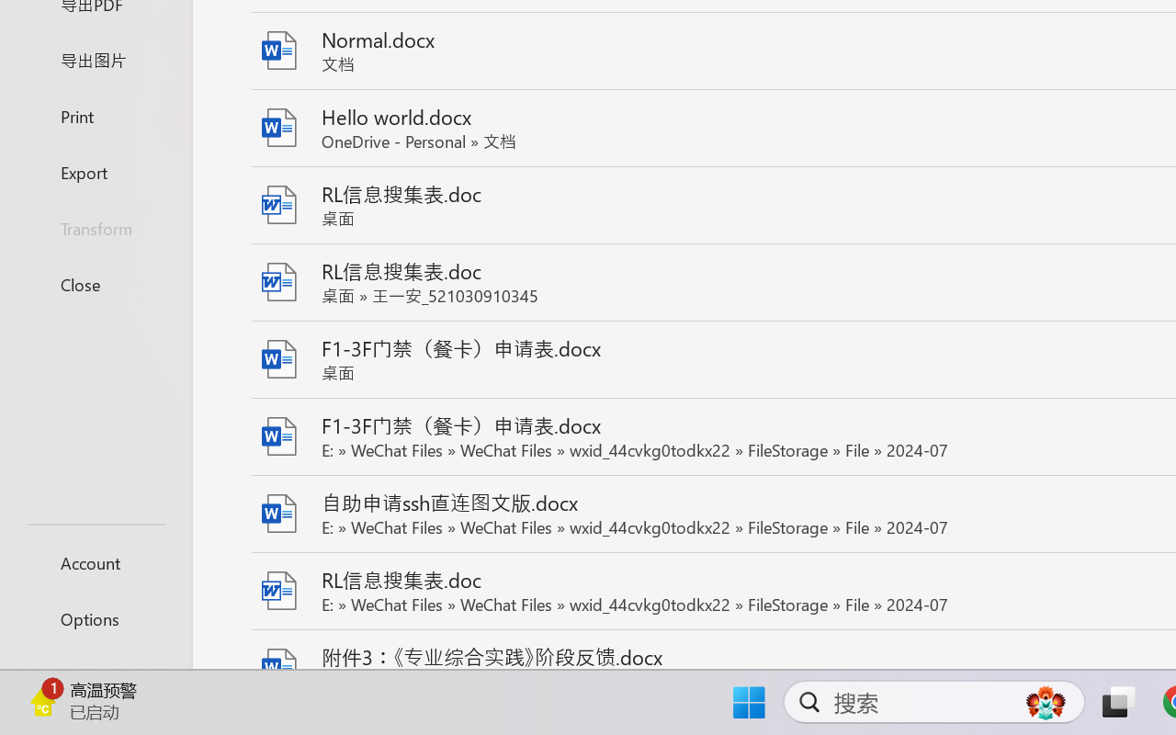 The image size is (1176, 735). What do you see at coordinates (95, 171) in the screenshot?
I see `'Export'` at bounding box center [95, 171].